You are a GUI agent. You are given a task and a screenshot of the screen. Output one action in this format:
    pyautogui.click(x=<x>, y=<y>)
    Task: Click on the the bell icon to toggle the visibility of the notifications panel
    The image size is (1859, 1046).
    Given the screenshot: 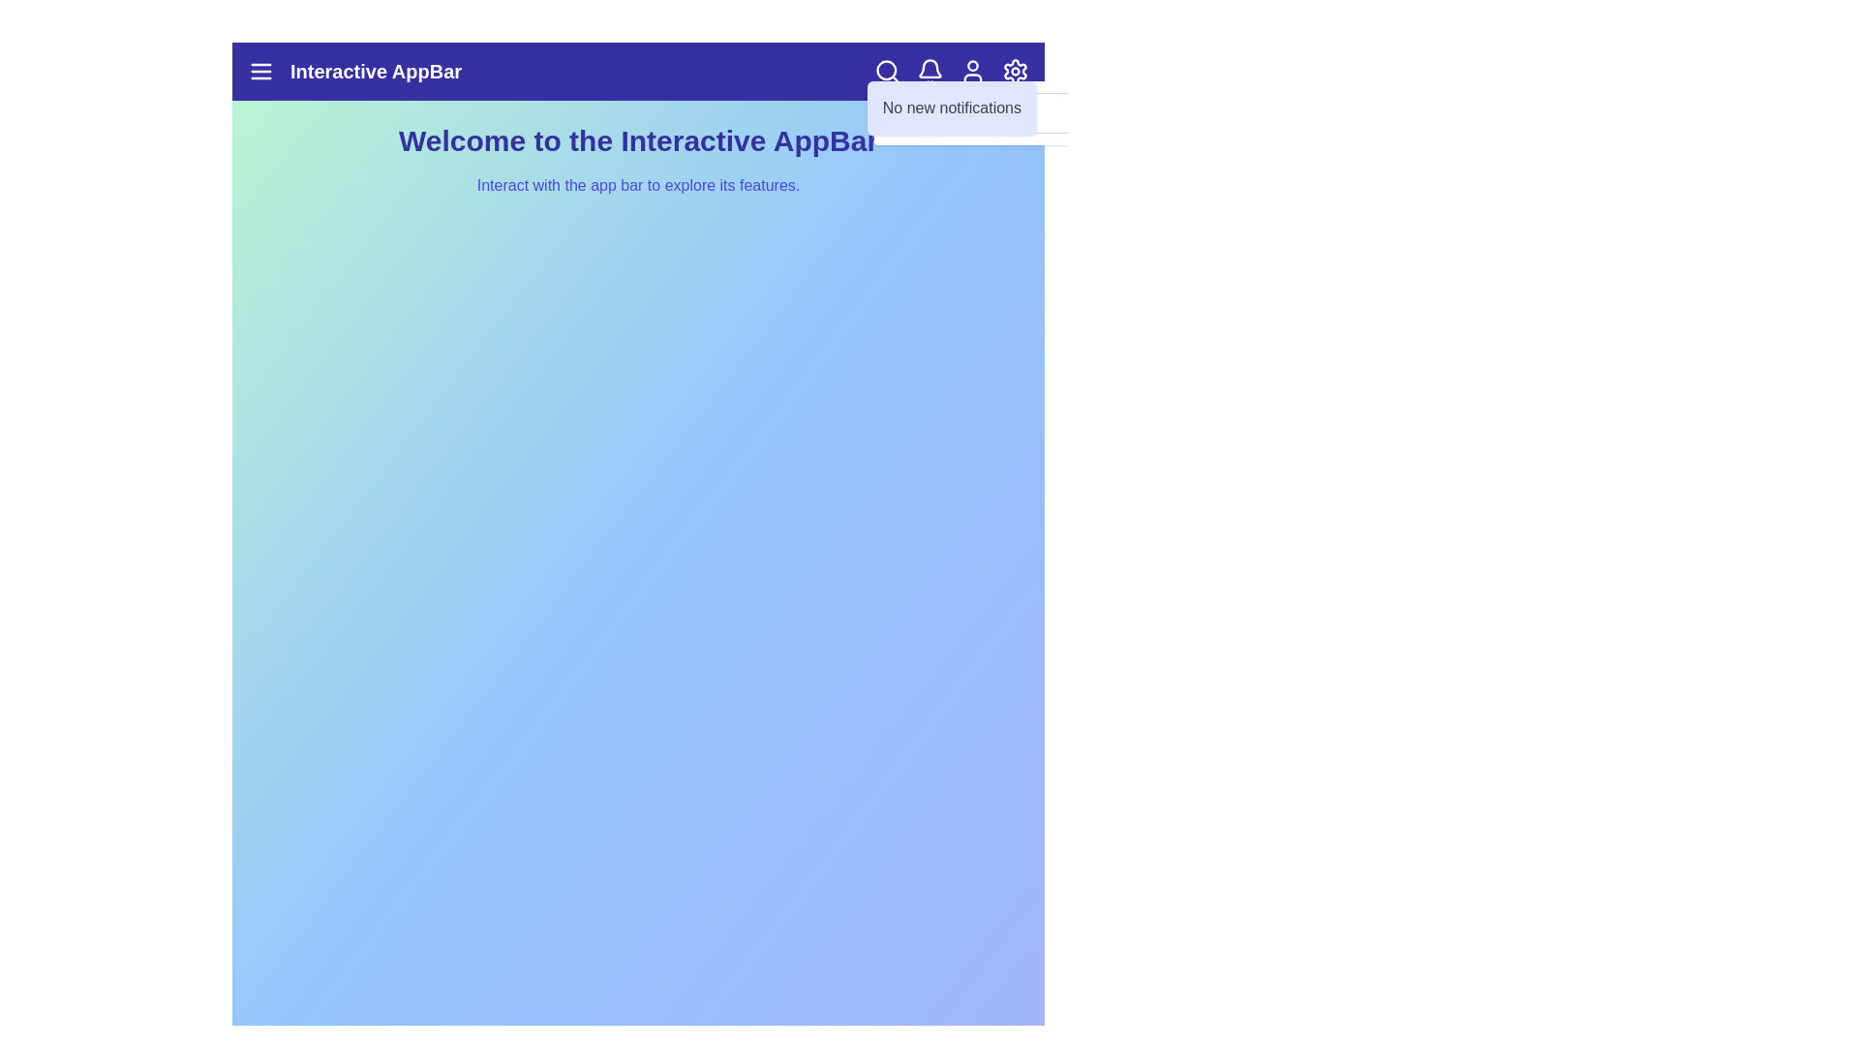 What is the action you would take?
    pyautogui.click(x=929, y=70)
    